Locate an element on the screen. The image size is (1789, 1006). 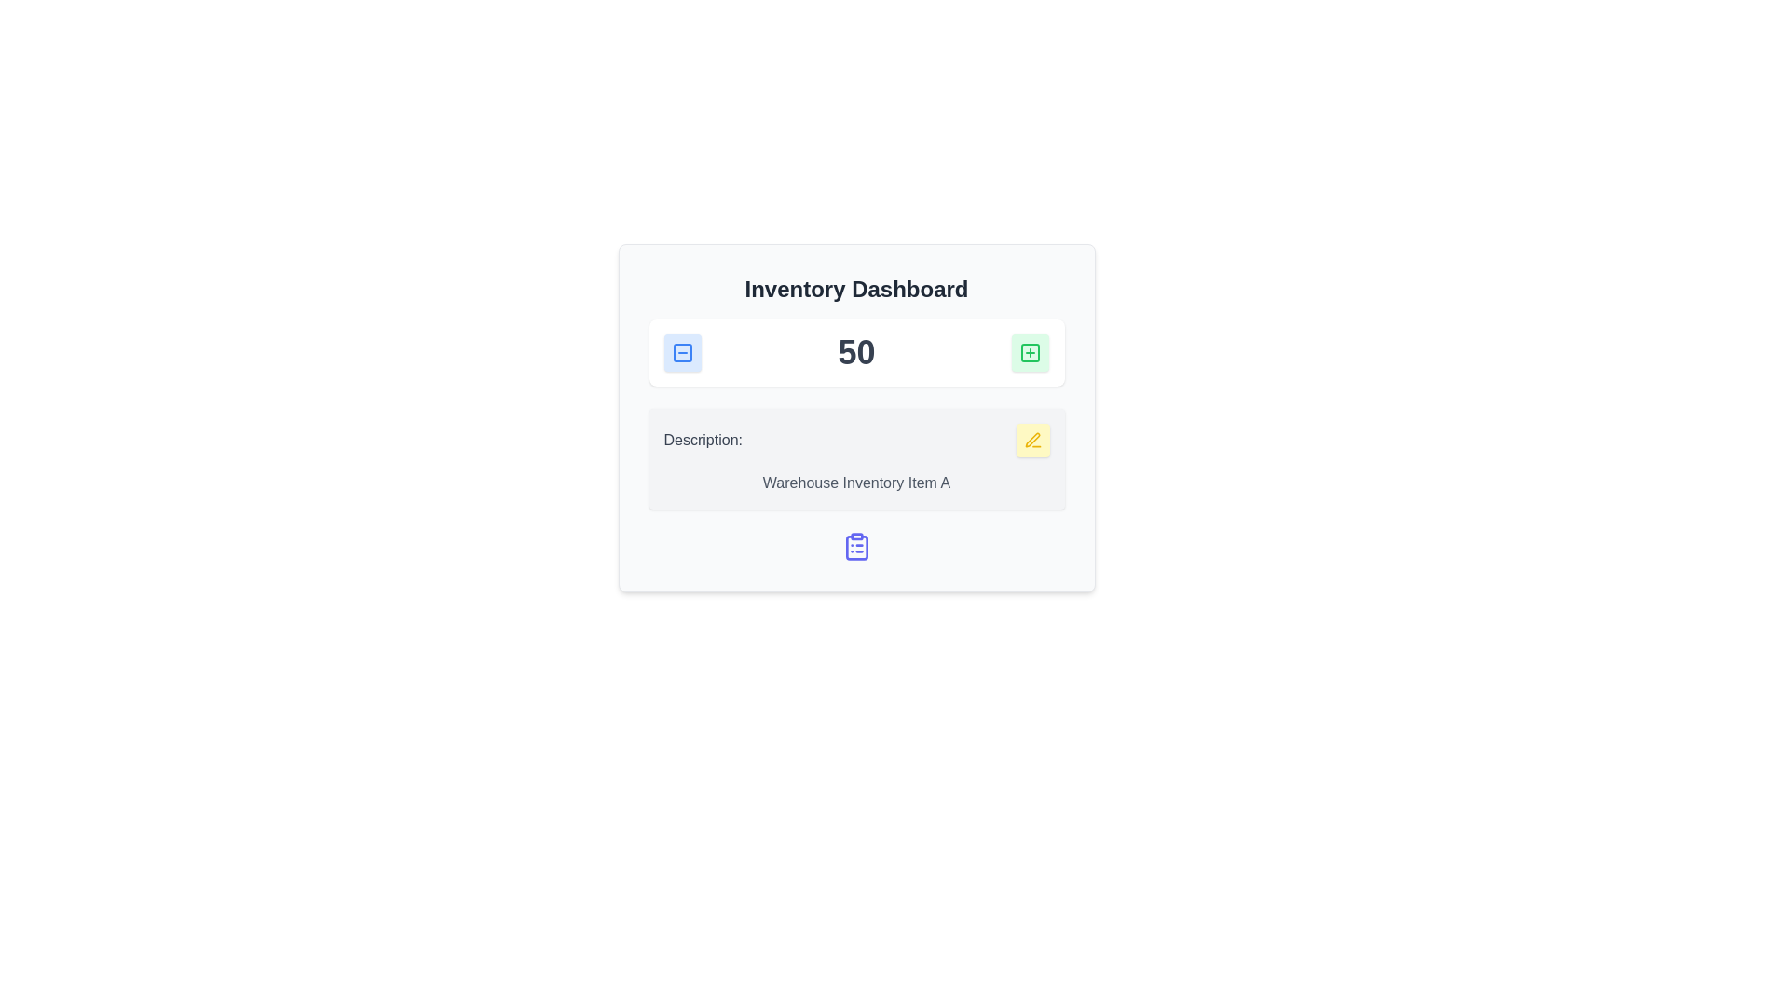
the numeric display text component showing '50', which is centrally located below the 'Inventory Dashboard' title and flanked by decrement and increment buttons is located at coordinates (855, 352).